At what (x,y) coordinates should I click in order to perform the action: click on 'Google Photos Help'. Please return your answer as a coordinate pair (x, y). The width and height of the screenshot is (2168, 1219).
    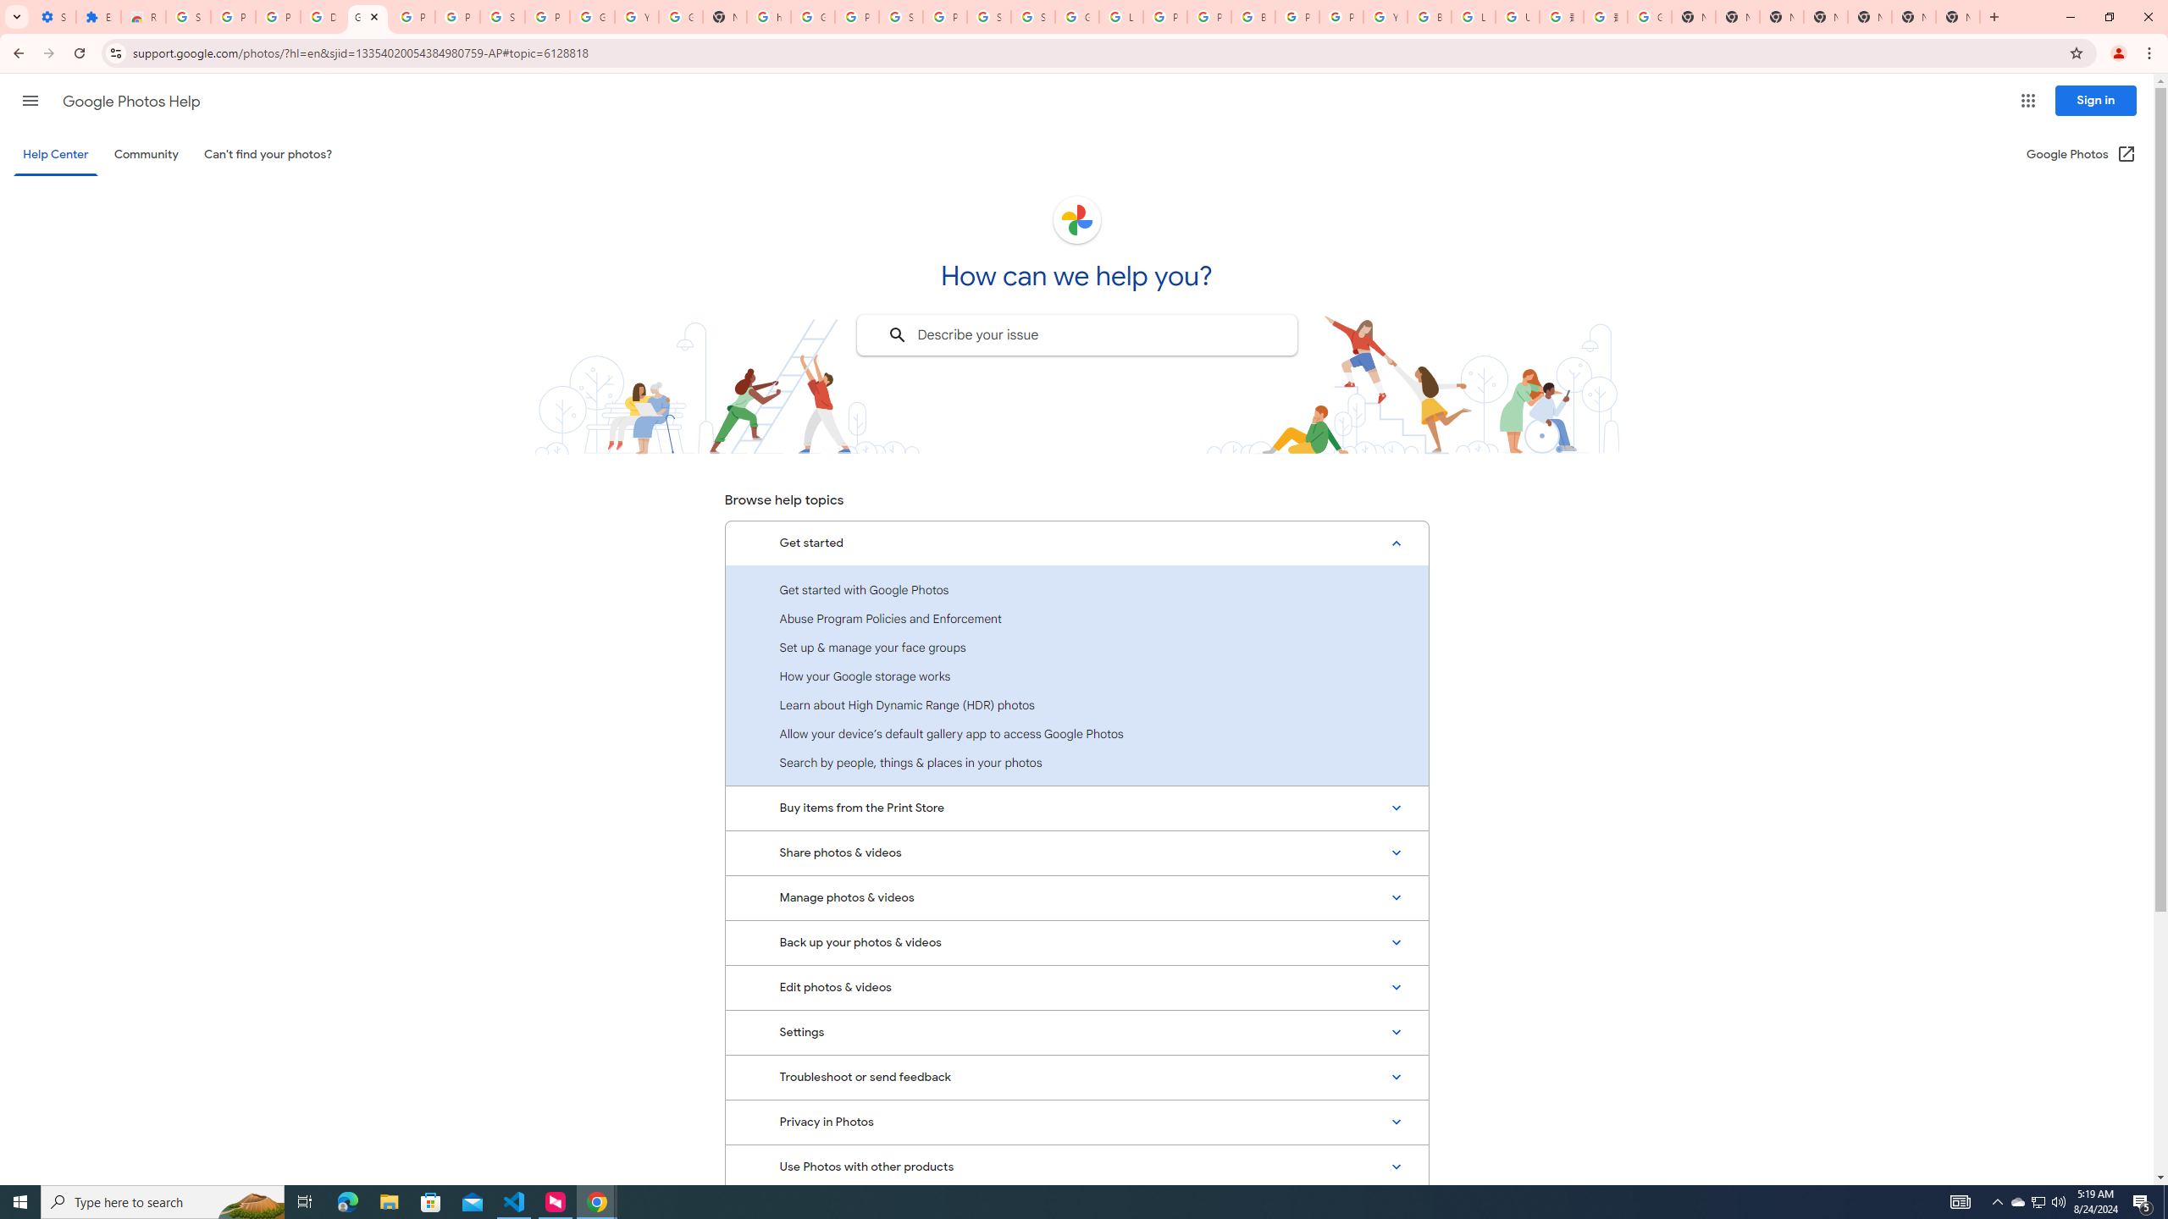
    Looking at the image, I should click on (130, 101).